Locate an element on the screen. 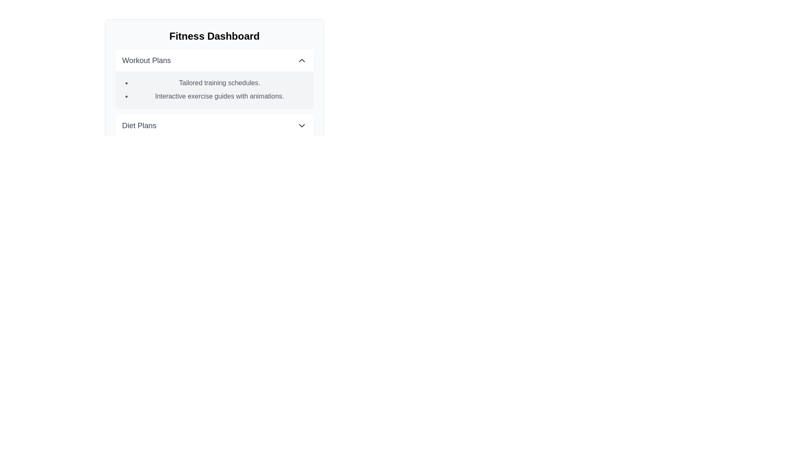 The width and height of the screenshot is (803, 451). the chevron icon located to the right of the 'Diet Plans' text for accessibility interactions is located at coordinates (301, 125).